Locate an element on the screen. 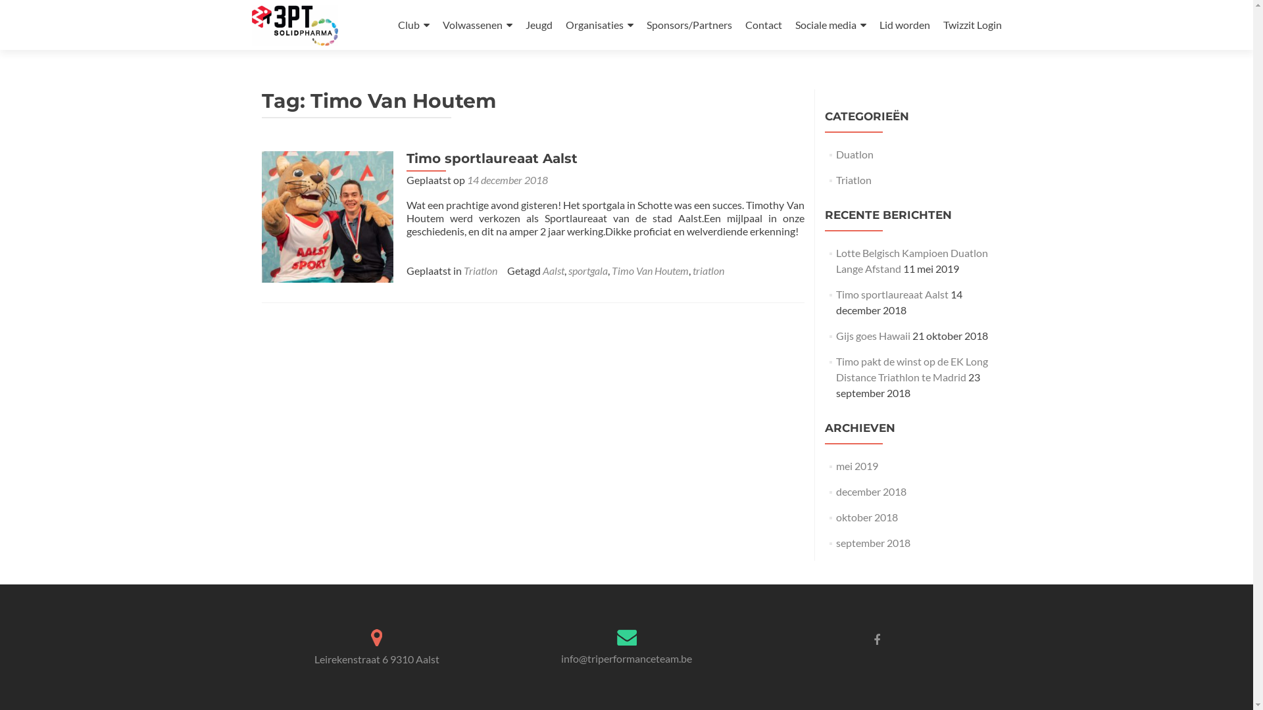 This screenshot has height=710, width=1263. 'Volwassenen' is located at coordinates (476, 25).